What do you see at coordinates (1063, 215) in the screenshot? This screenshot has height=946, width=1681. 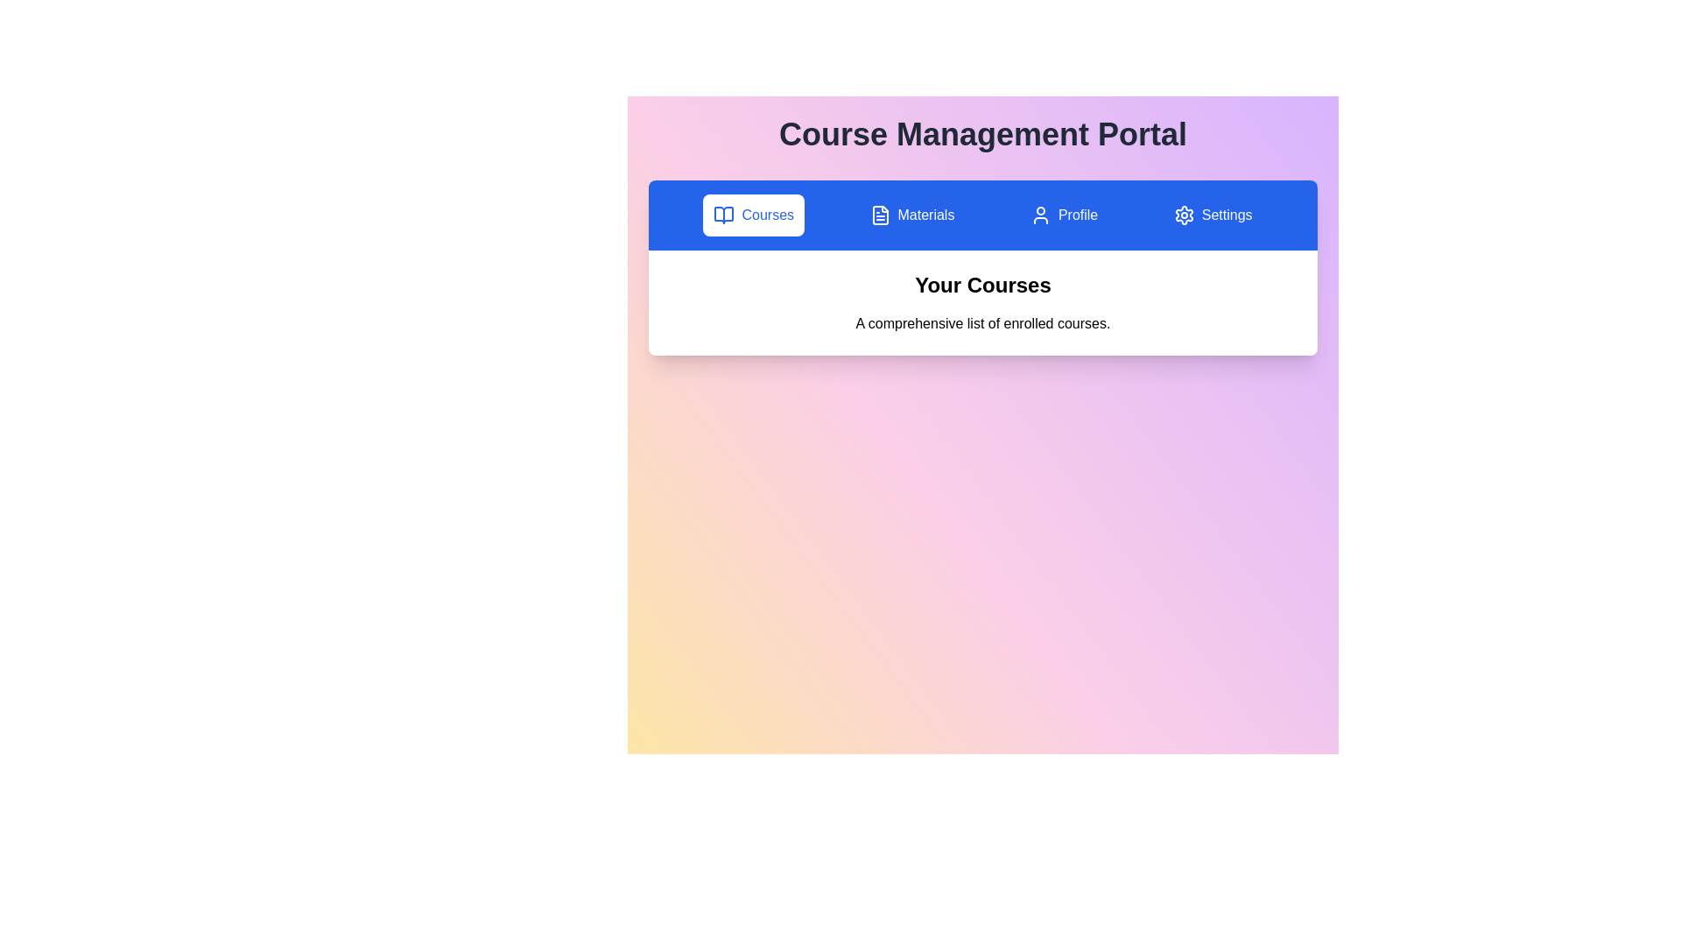 I see `the third button in the navigation bar` at bounding box center [1063, 215].